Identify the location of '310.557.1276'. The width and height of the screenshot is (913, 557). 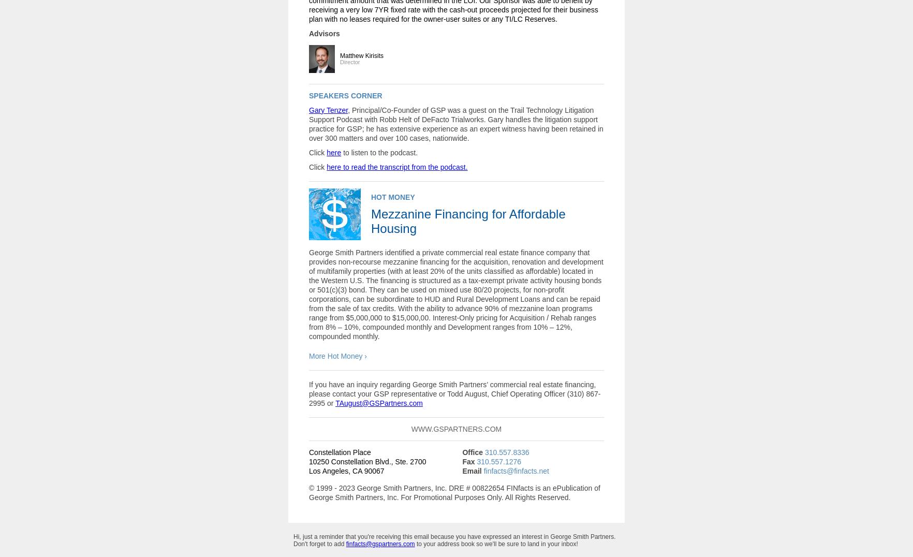
(499, 461).